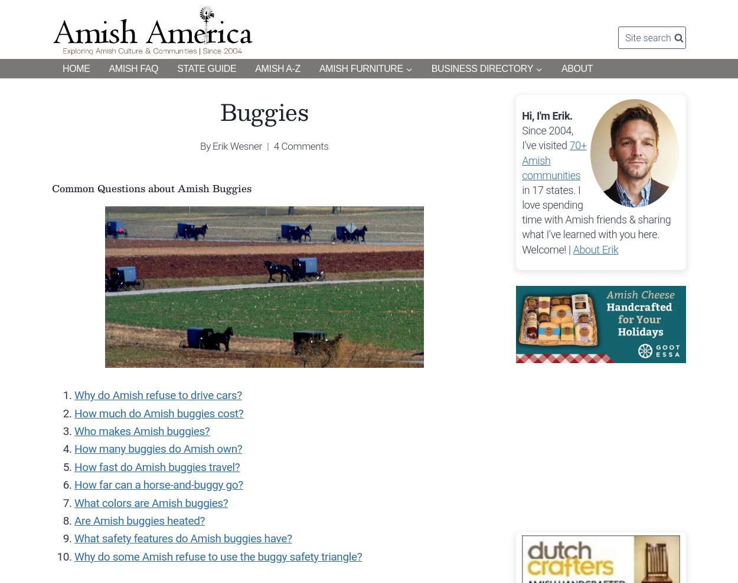 This screenshot has height=583, width=738. I want to click on 'How much do Amish buggies cost?', so click(159, 412).